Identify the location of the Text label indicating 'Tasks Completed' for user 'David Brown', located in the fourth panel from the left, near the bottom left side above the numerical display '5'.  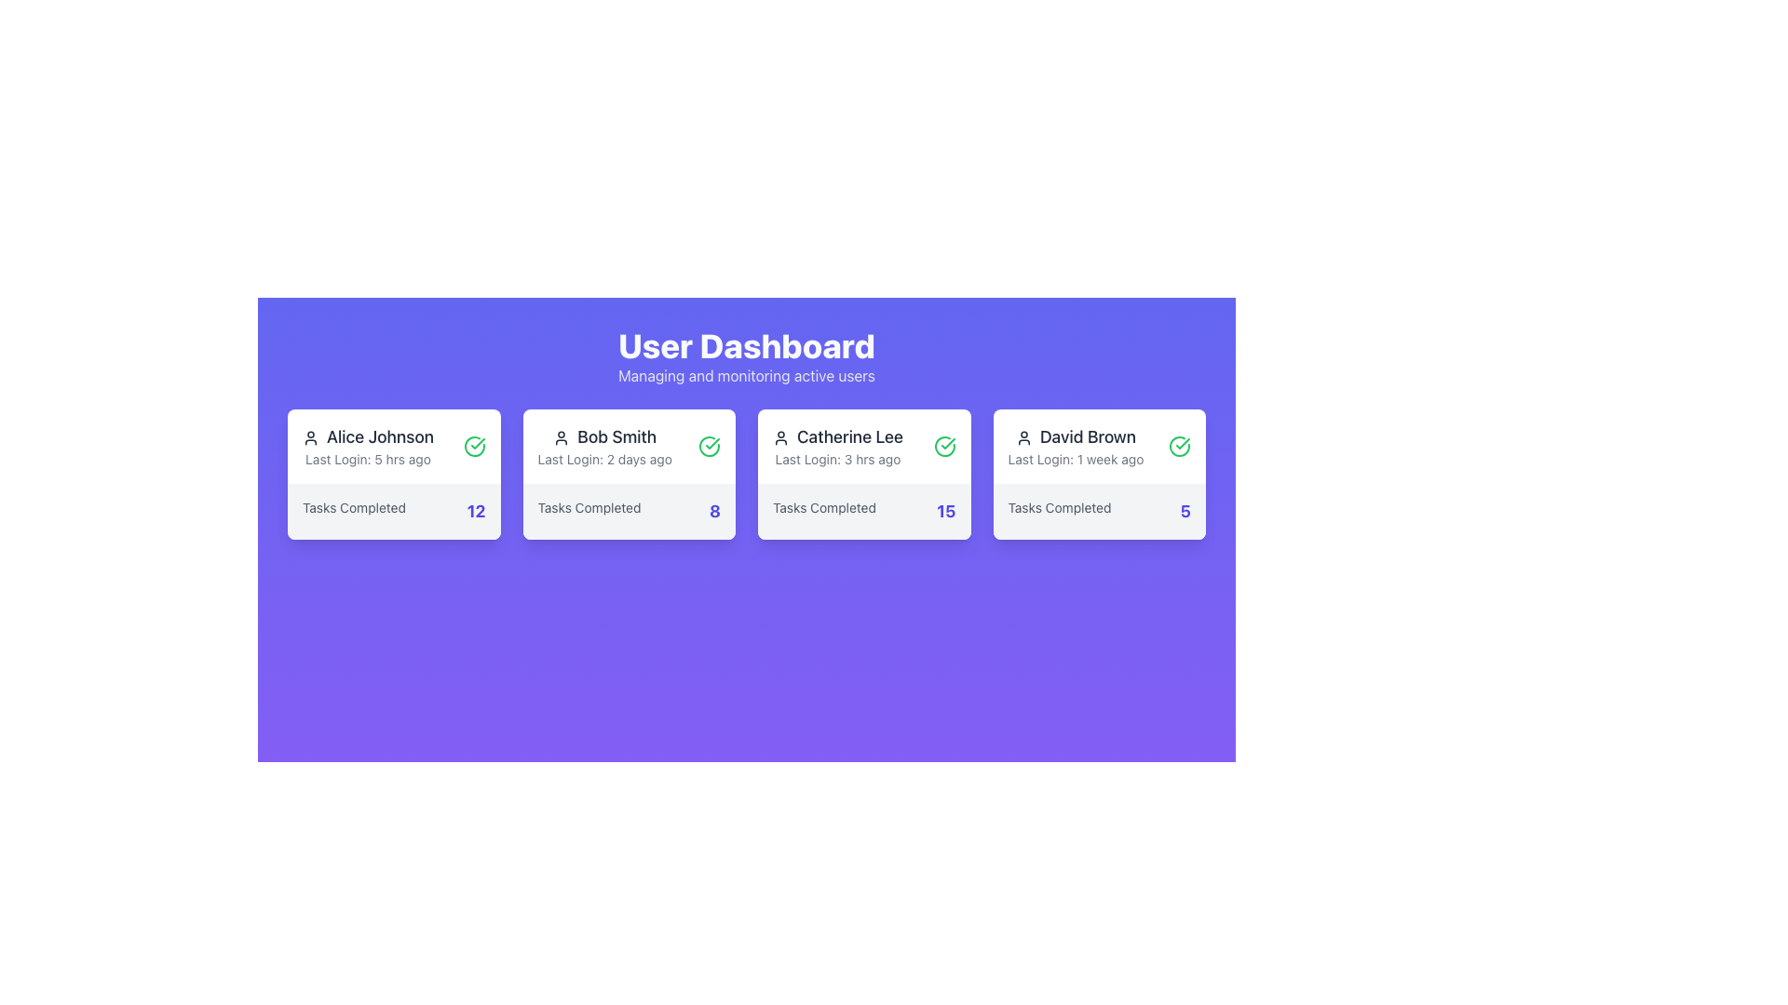
(1059, 512).